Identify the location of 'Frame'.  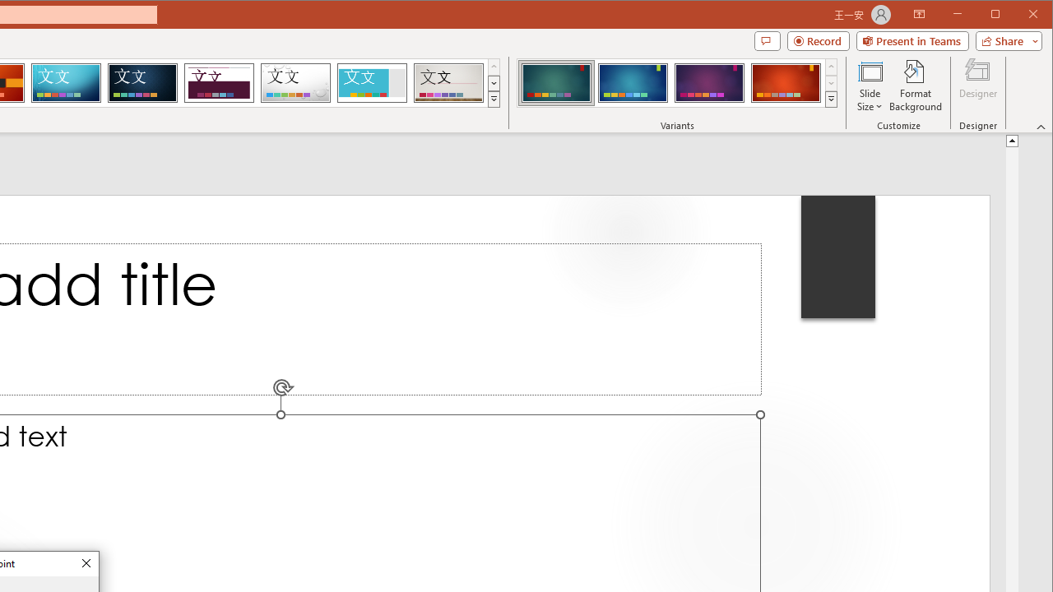
(371, 82).